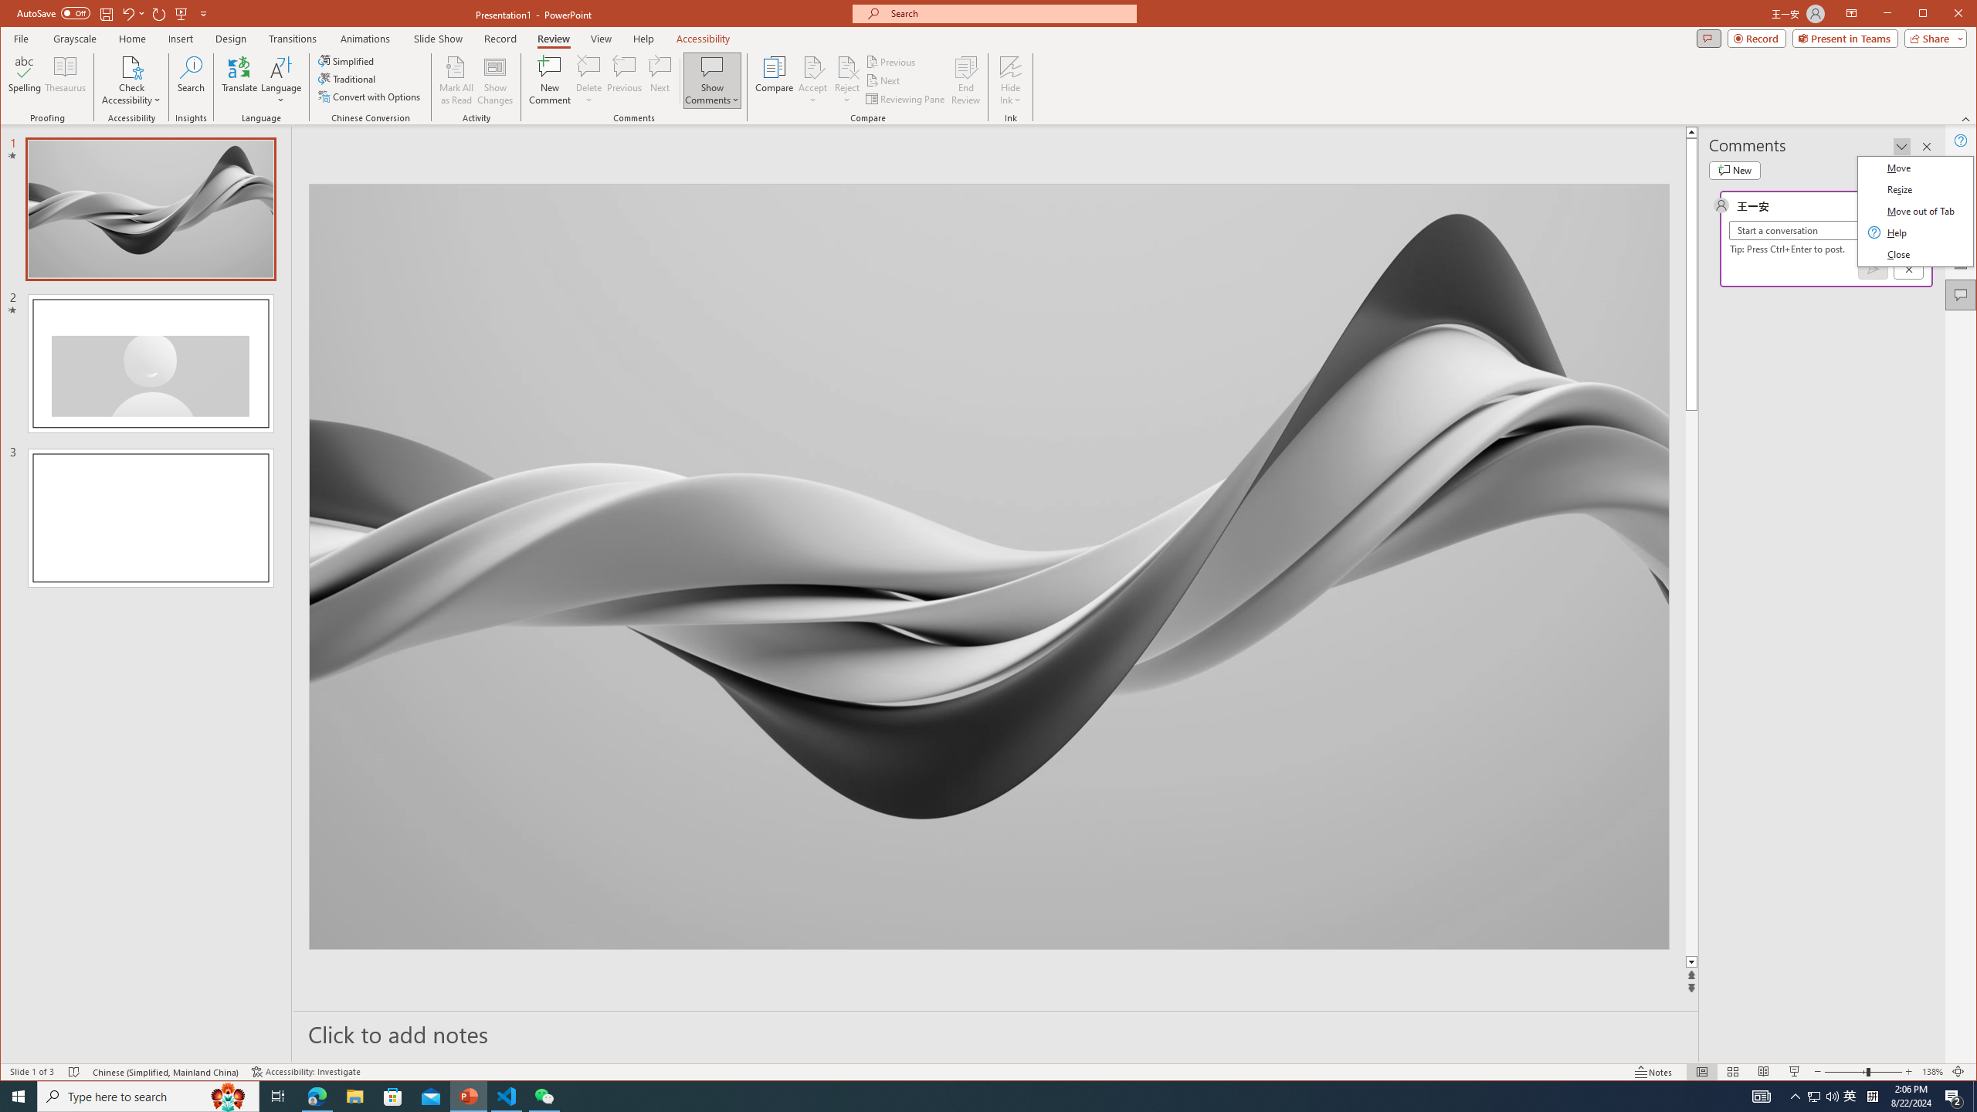 The height and width of the screenshot is (1112, 1977). What do you see at coordinates (113, 14) in the screenshot?
I see `'Quick Access Toolbar'` at bounding box center [113, 14].